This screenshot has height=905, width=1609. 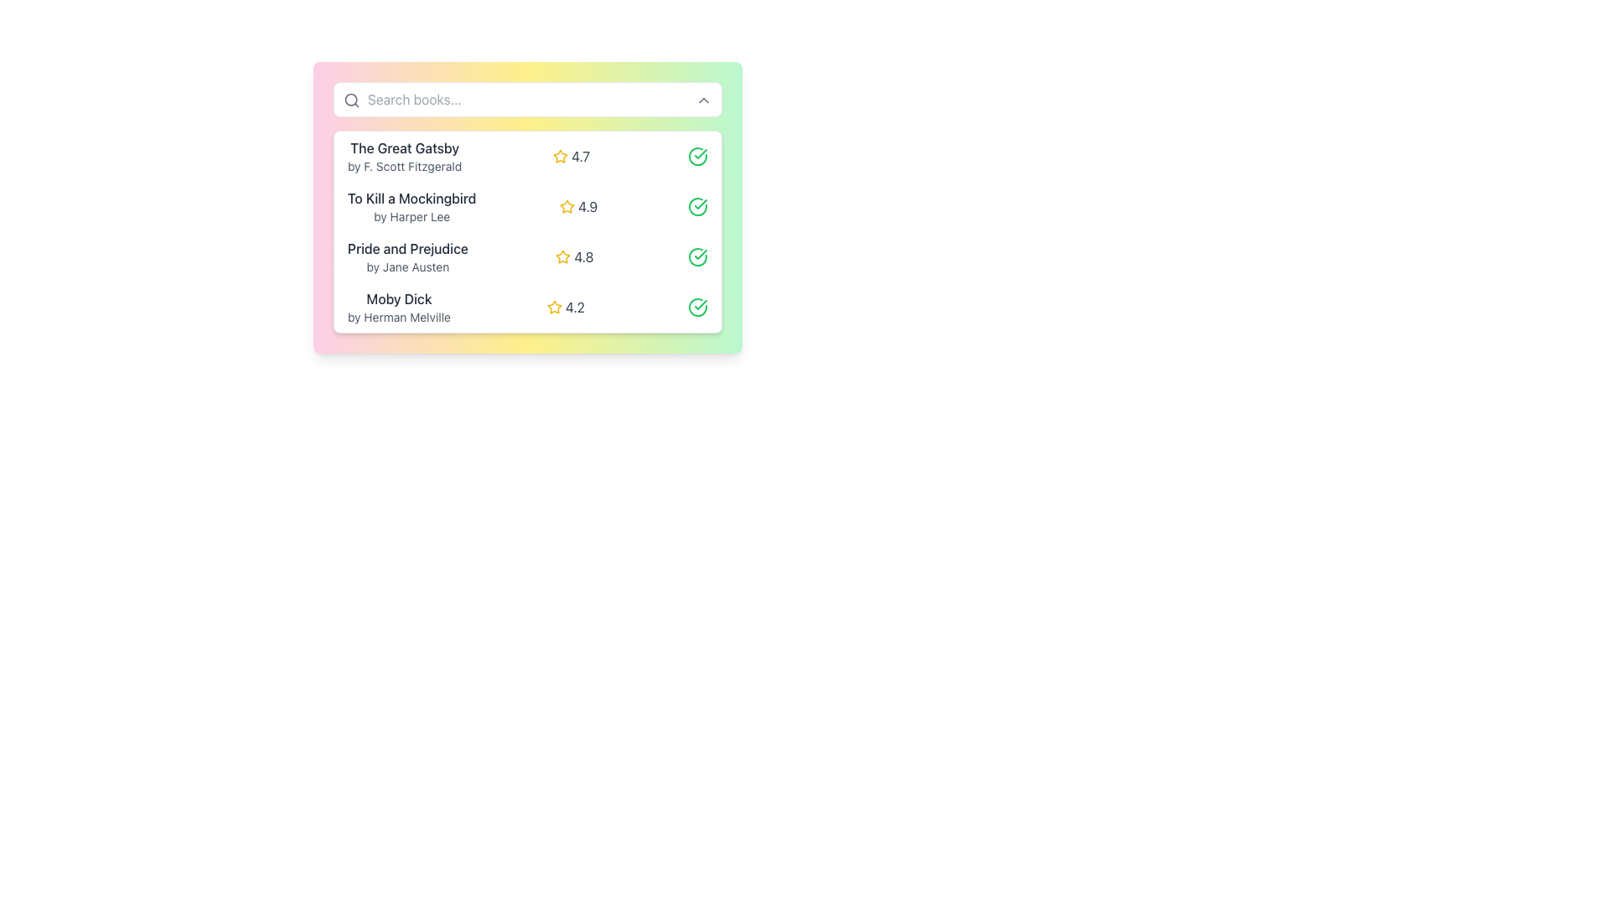 What do you see at coordinates (566, 307) in the screenshot?
I see `the golden star icon of the rating display for the book 'Moby Dick' by Herman Melville, which is located in the fourth row of the book list` at bounding box center [566, 307].